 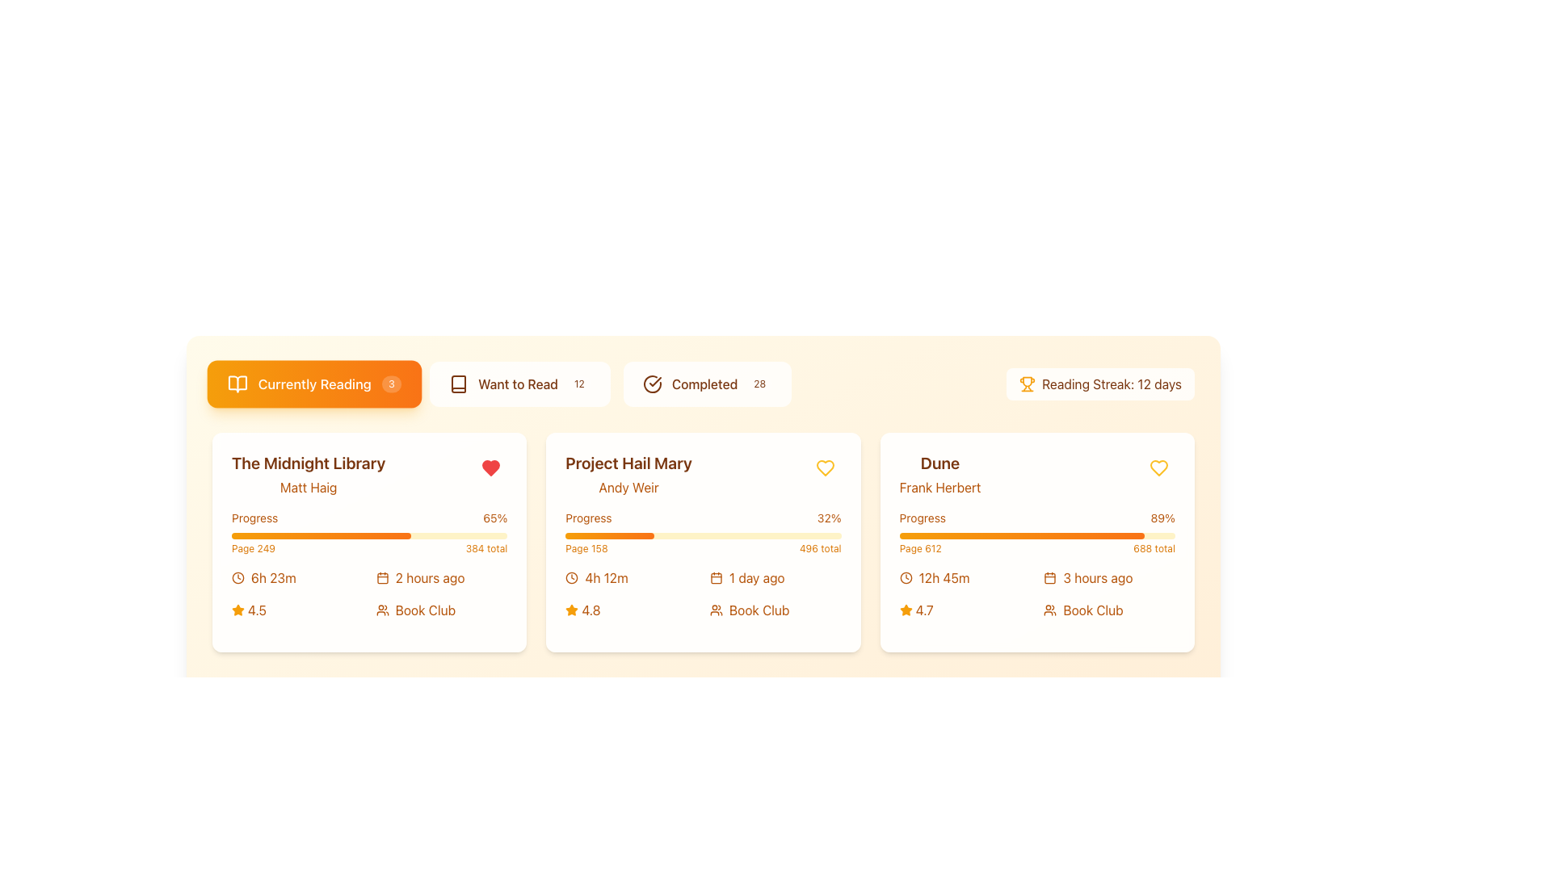 What do you see at coordinates (1158, 467) in the screenshot?
I see `the heart icon button located at the top-right corner of the Dune card` at bounding box center [1158, 467].